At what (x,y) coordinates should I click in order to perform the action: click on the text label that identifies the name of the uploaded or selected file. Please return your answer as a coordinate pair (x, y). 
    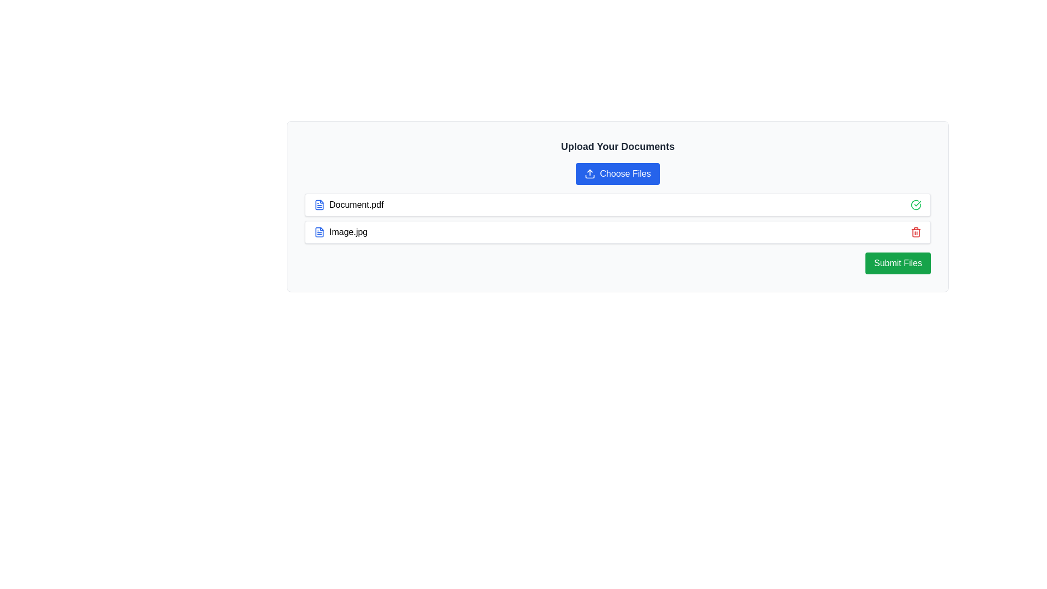
    Looking at the image, I should click on (348, 231).